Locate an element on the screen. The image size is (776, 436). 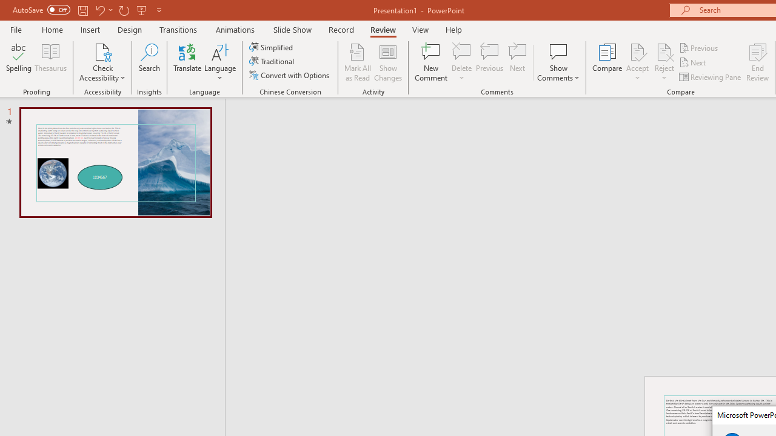
'Compare' is located at coordinates (607, 62).